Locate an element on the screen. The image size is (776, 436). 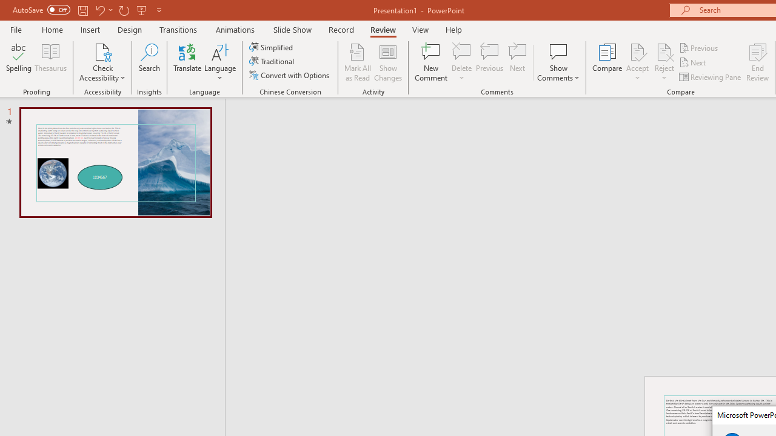
'Compare' is located at coordinates (607, 62).